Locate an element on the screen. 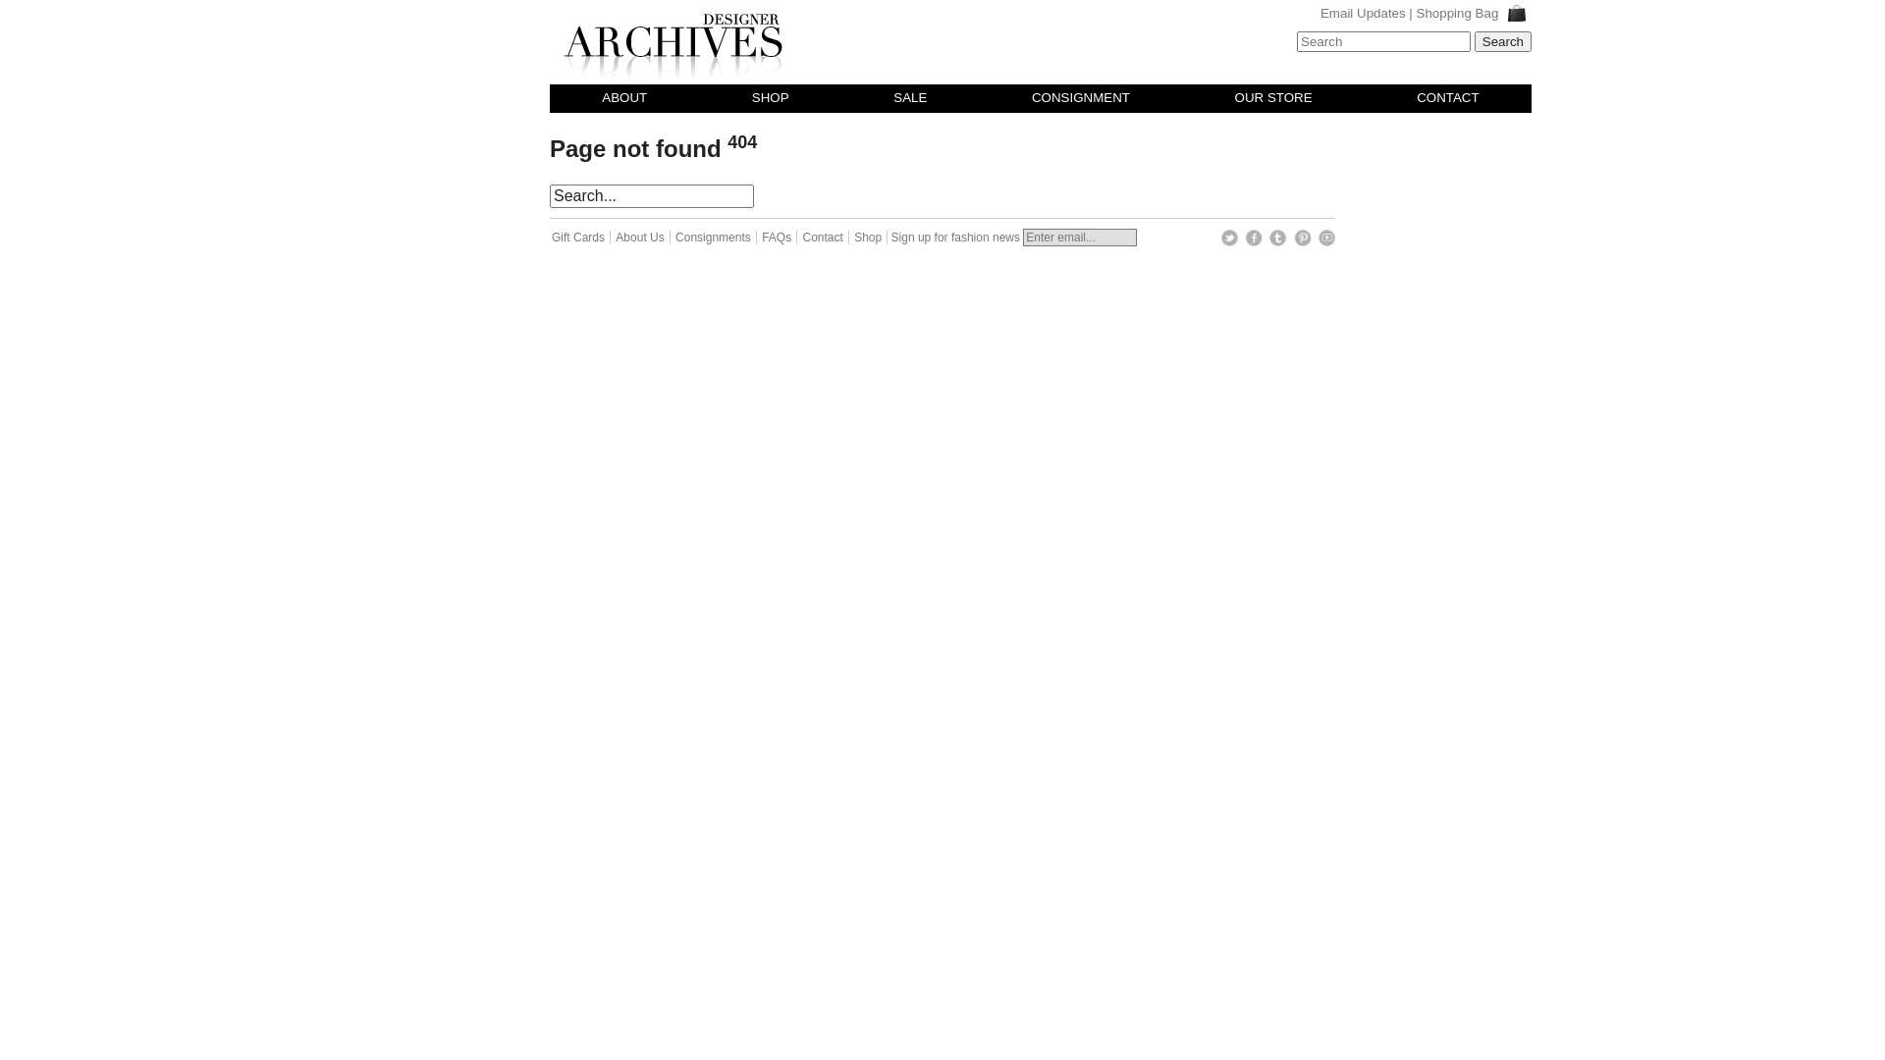 This screenshot has height=1060, width=1885. 'CONSIGNMENT' is located at coordinates (1079, 98).